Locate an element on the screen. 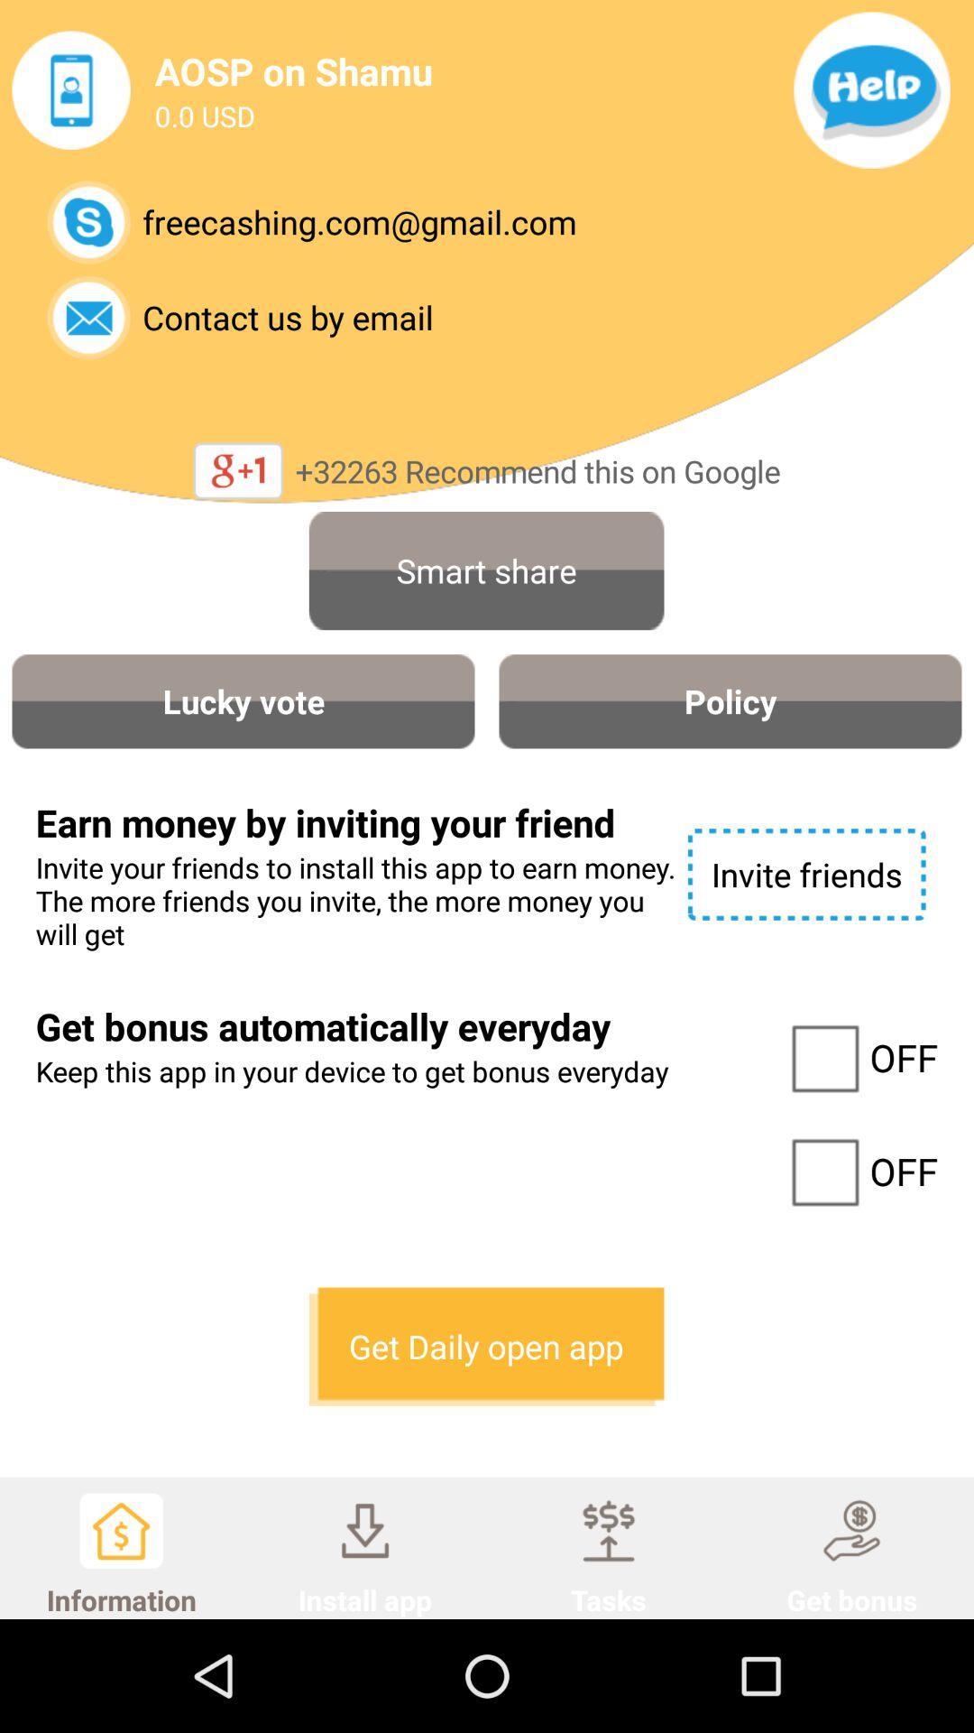  open skype contact is located at coordinates (88, 221).